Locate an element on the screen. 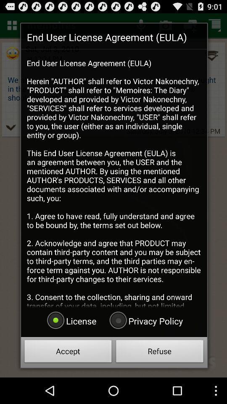  button above accept button is located at coordinates (145, 320).